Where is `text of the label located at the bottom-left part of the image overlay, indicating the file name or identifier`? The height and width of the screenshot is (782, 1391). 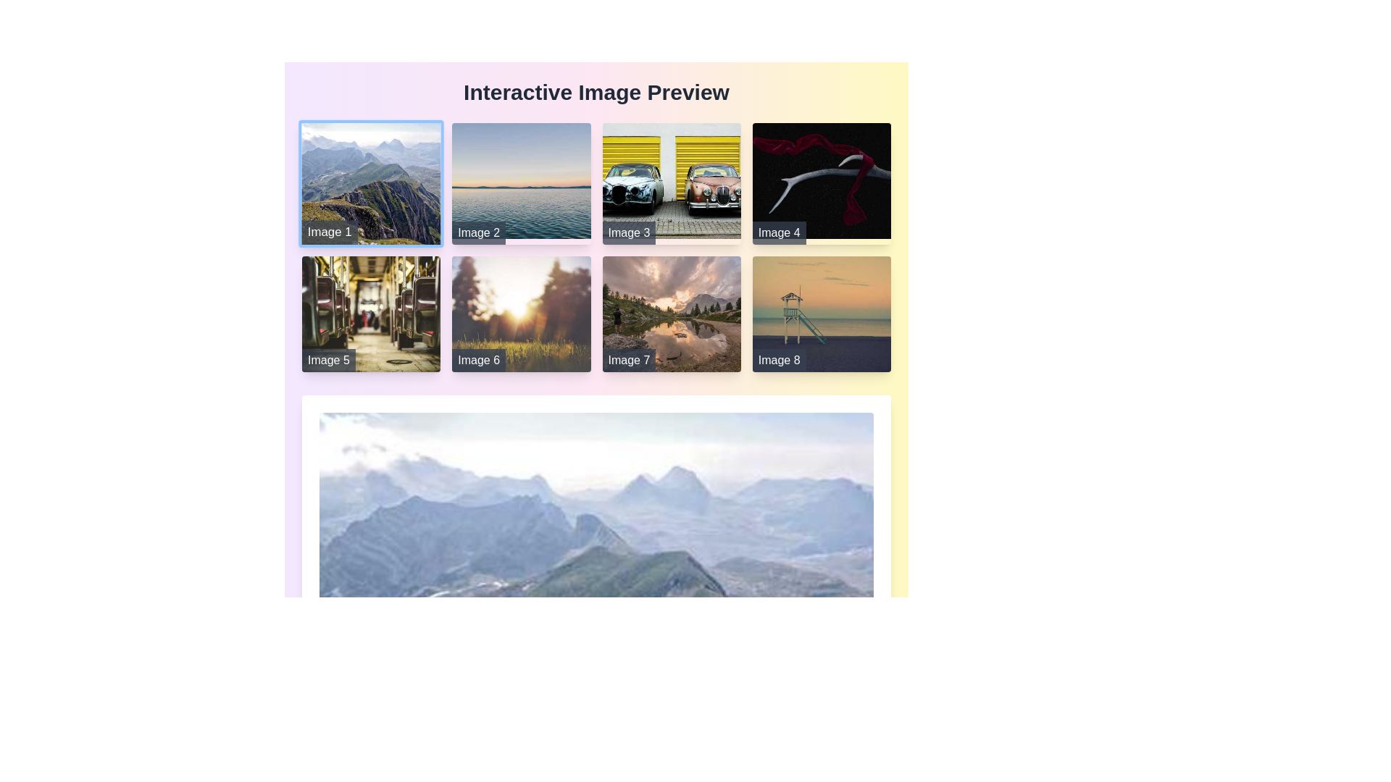
text of the label located at the bottom-left part of the image overlay, indicating the file name or identifier is located at coordinates (479, 359).